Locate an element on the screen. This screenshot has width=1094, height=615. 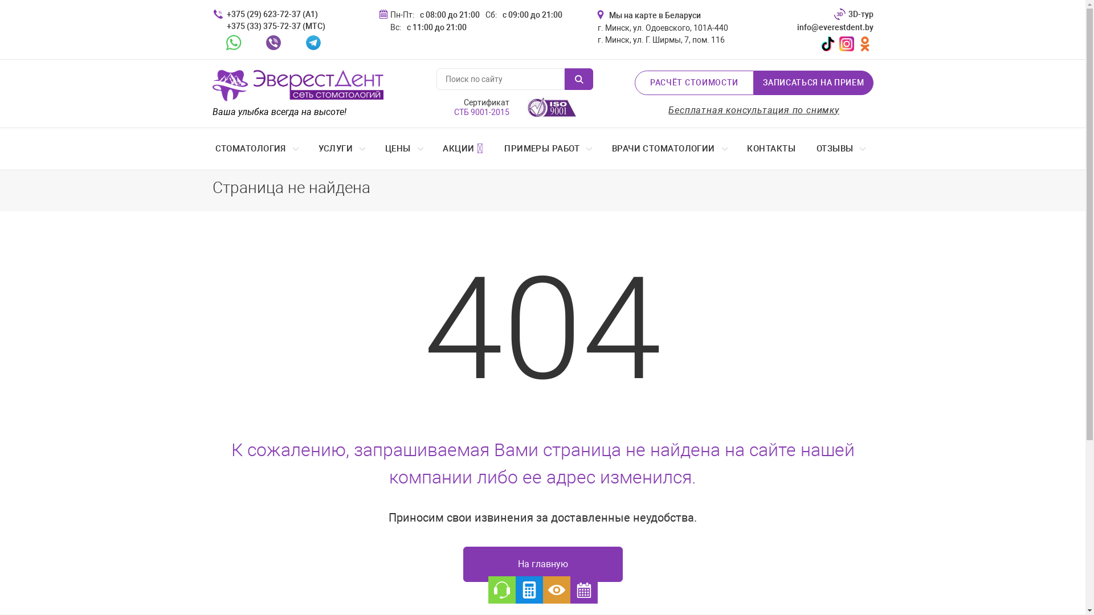
'Telegram' is located at coordinates (313, 42).